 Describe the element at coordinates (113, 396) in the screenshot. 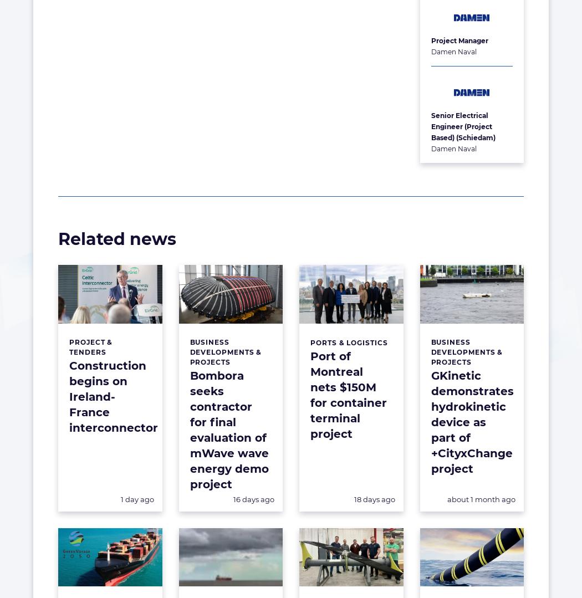

I see `'Construction begins on Ireland-France interconnector'` at that location.